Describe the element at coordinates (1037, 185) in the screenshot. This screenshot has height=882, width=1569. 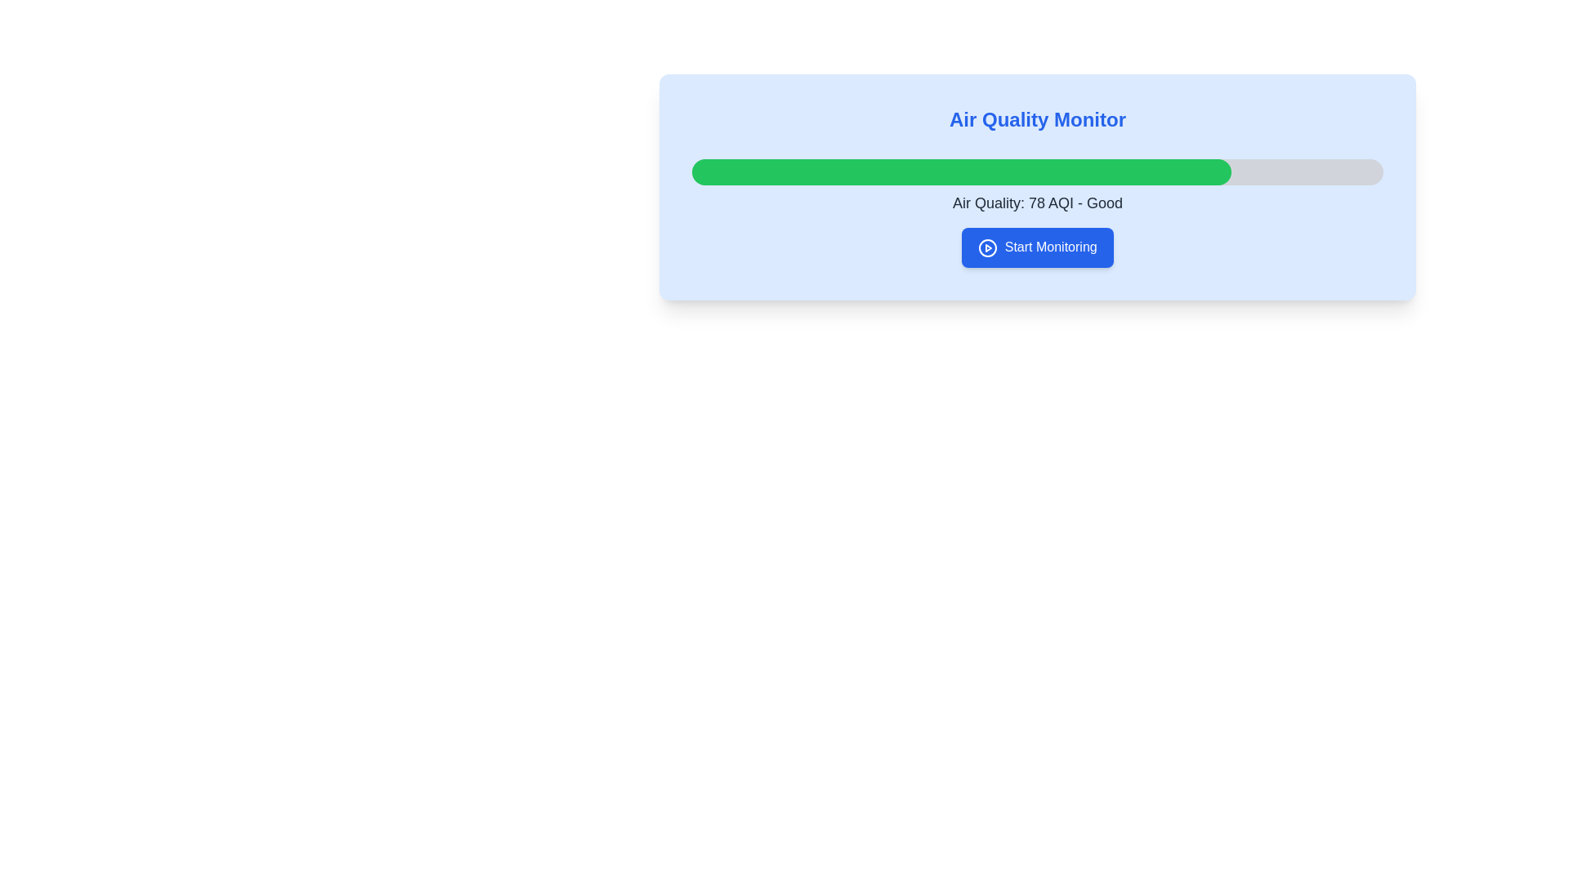
I see `the progress representation of the 'Air Quality Monitor' widget, which includes a progress bar indicating air quality level` at that location.